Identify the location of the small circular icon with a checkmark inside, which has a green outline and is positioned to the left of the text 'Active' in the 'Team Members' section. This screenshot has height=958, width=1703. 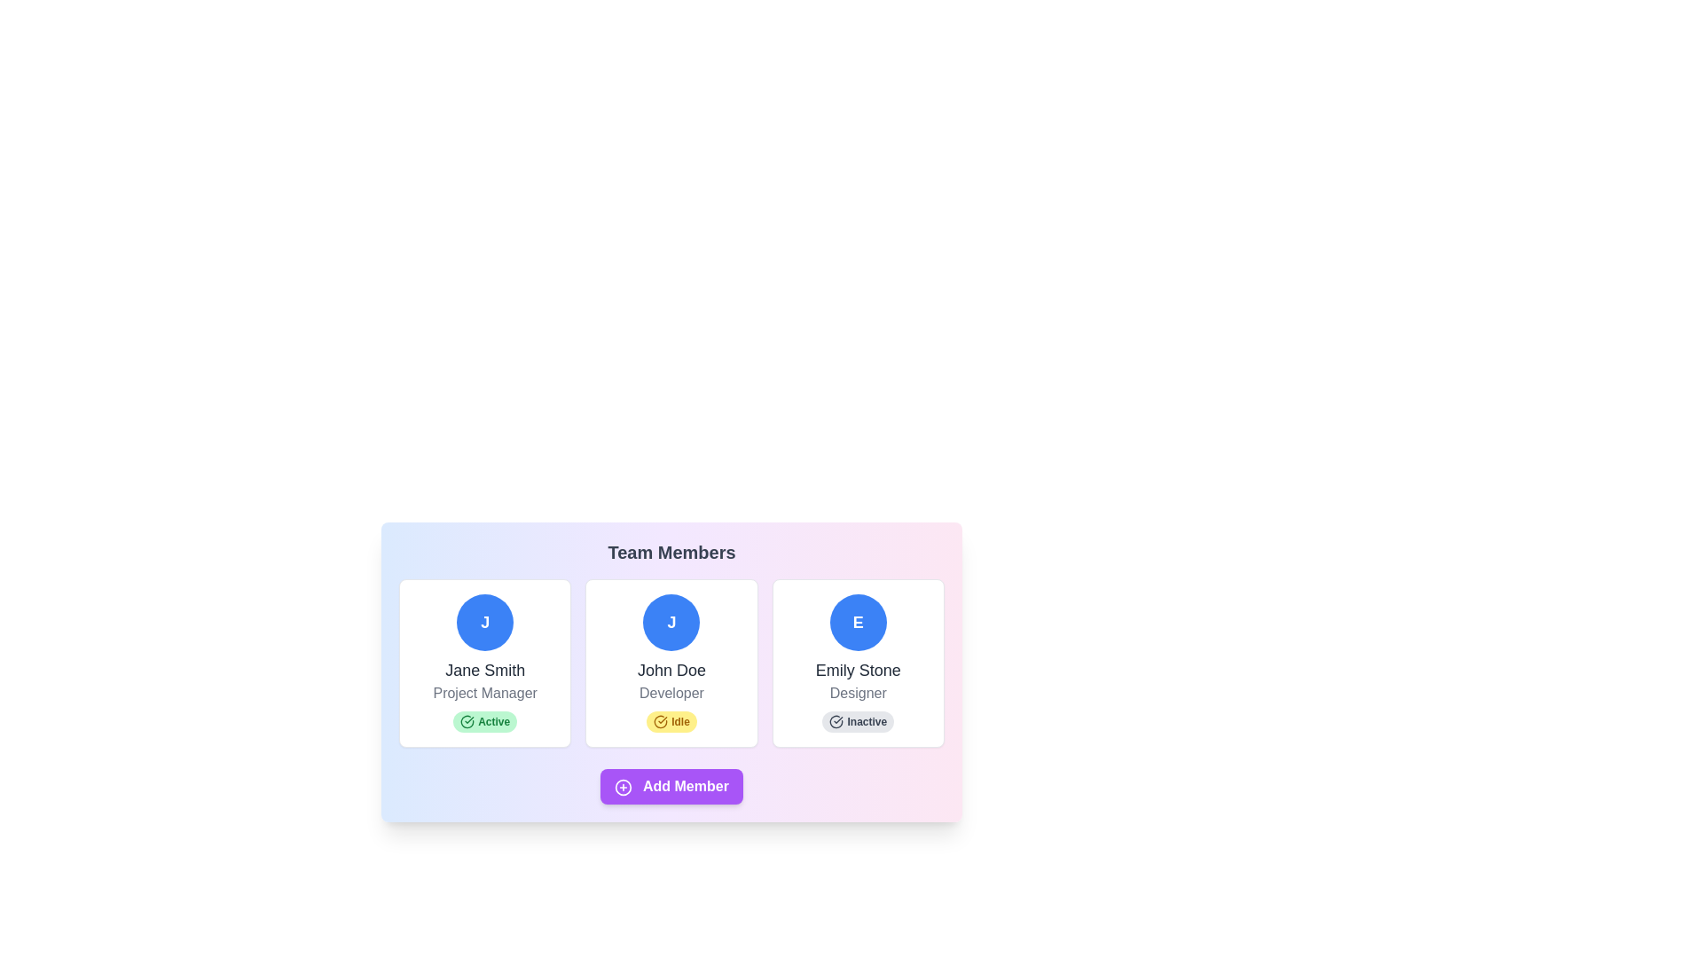
(467, 721).